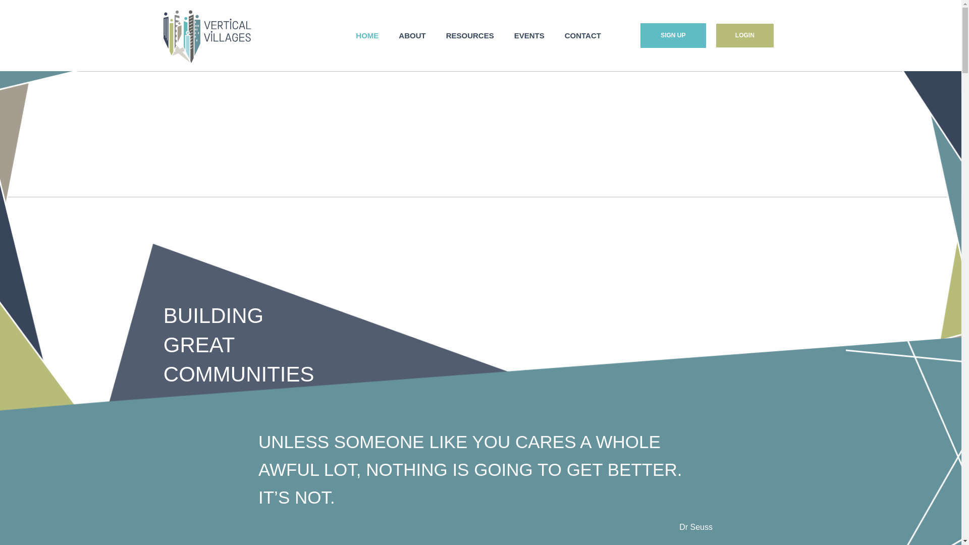 The height and width of the screenshot is (545, 969). What do you see at coordinates (504, 35) in the screenshot?
I see `'EVENTS'` at bounding box center [504, 35].